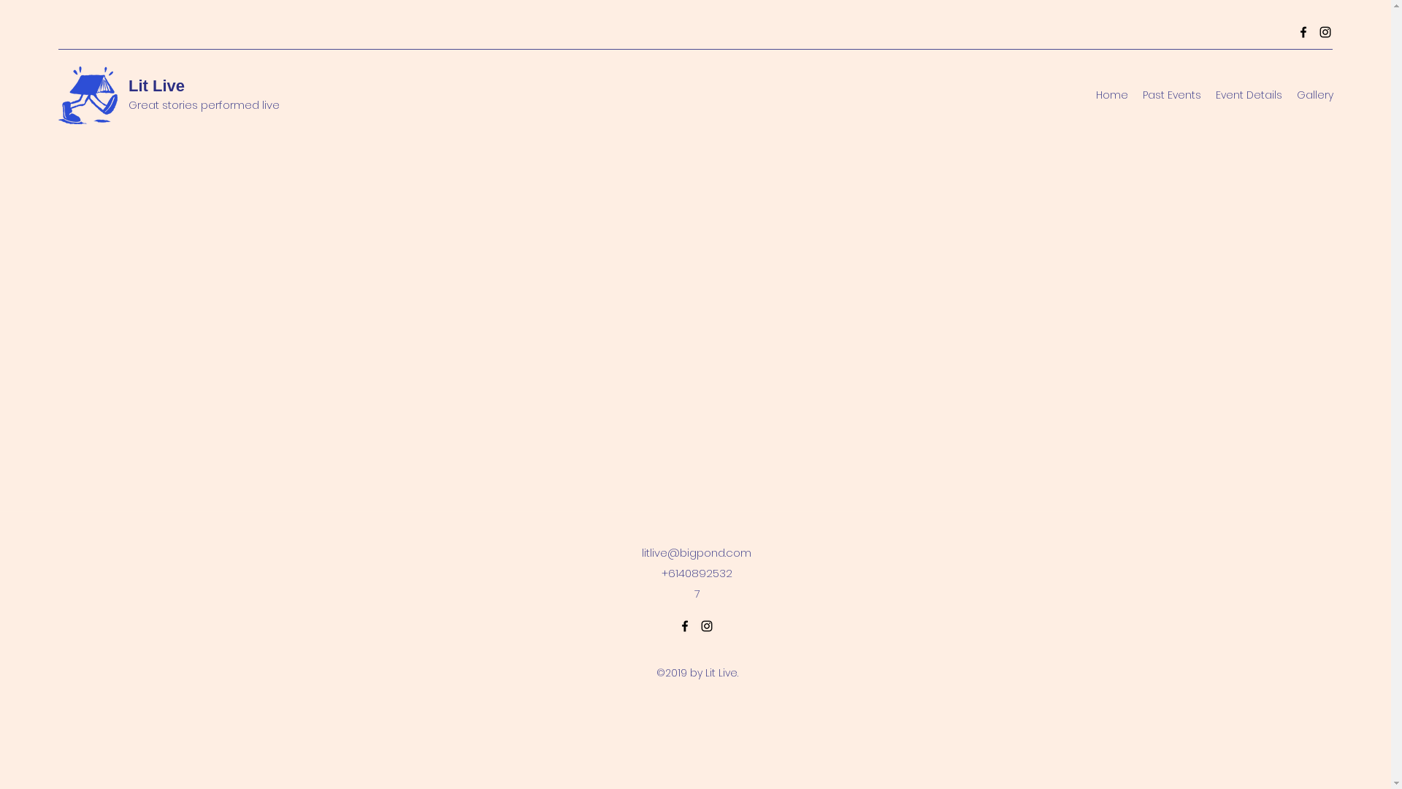 Image resolution: width=1402 pixels, height=789 pixels. I want to click on 'Lit Live', so click(156, 85).